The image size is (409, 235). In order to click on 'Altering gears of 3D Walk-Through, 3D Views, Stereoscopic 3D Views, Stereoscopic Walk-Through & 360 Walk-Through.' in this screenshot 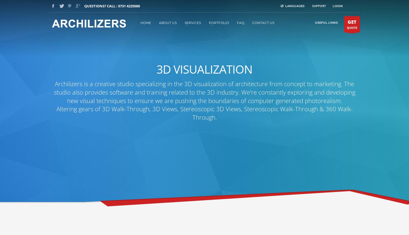, I will do `click(204, 113)`.